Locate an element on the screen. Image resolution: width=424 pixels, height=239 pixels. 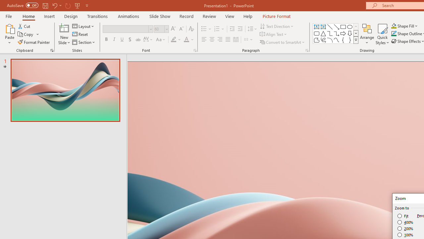
'AutomationID: ShapesInsertGallery' is located at coordinates (336, 33).